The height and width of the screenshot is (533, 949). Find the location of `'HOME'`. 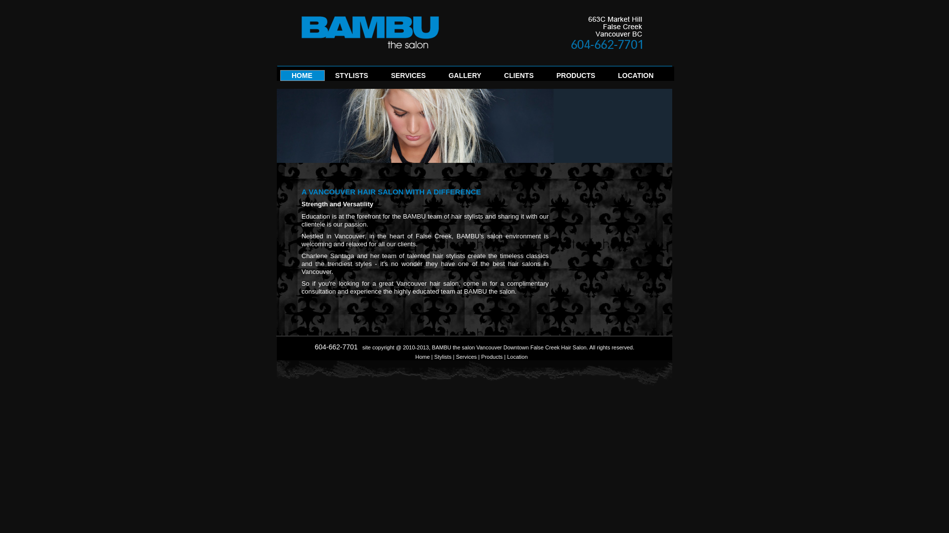

'HOME' is located at coordinates (301, 78).